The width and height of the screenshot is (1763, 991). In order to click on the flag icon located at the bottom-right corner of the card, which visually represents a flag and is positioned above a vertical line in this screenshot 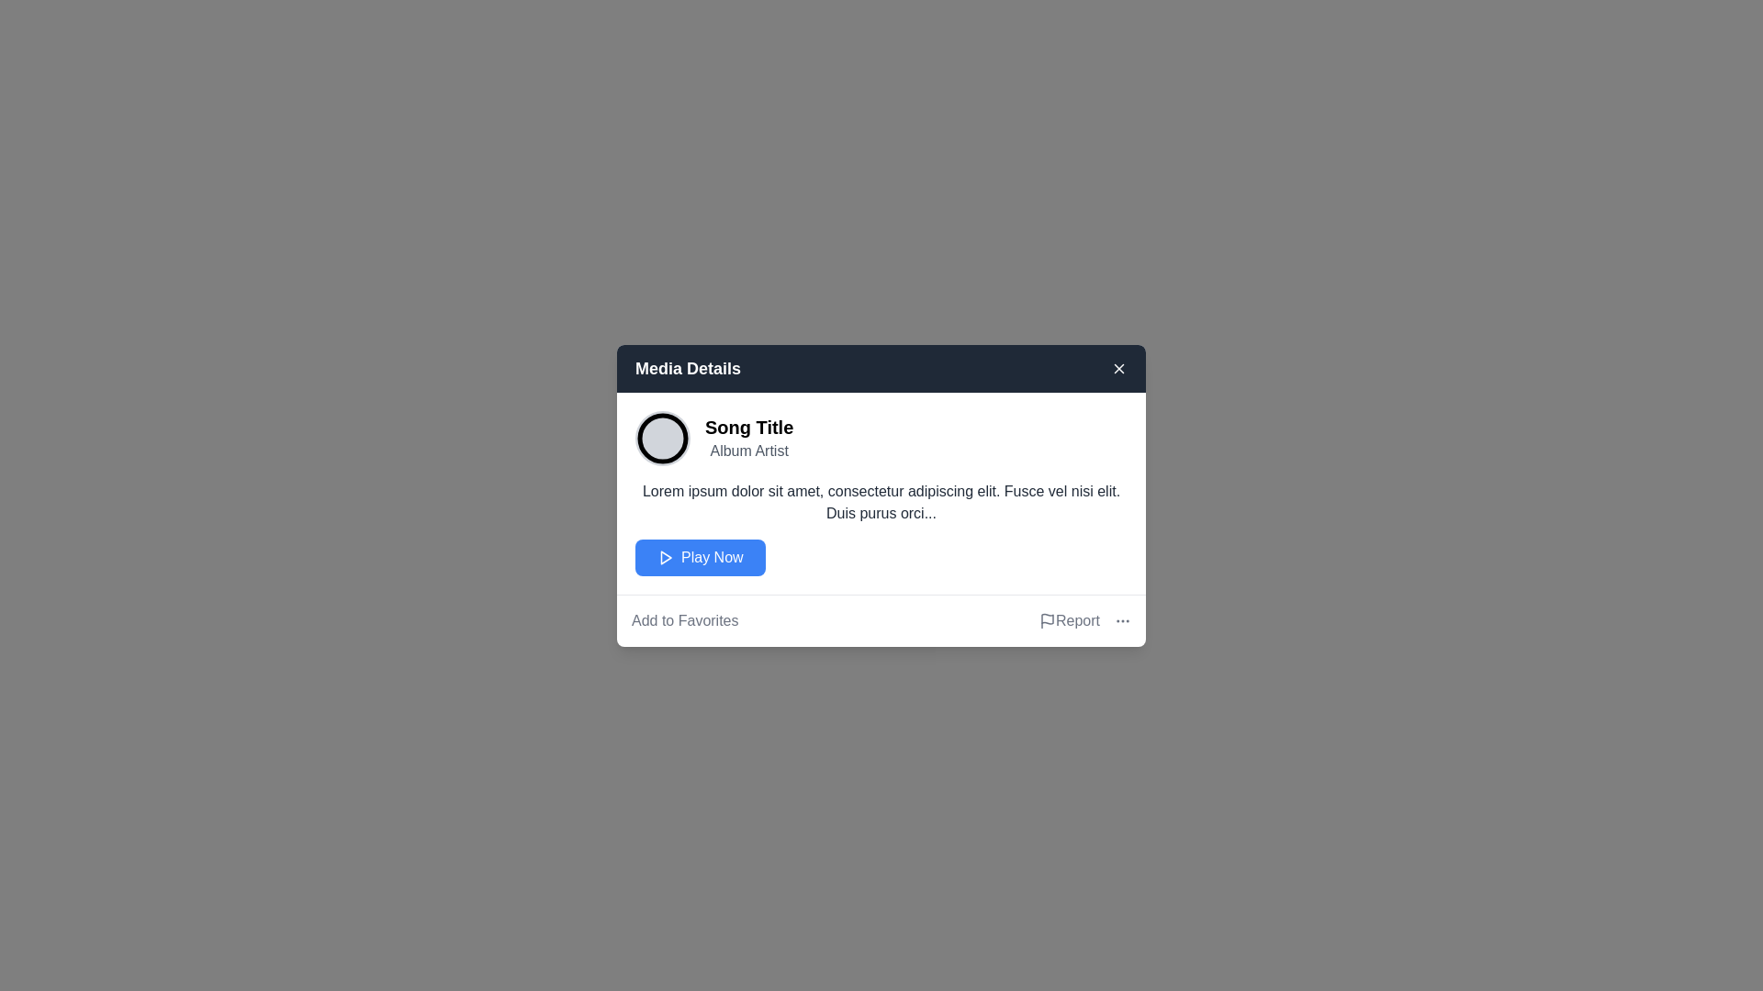, I will do `click(1048, 618)`.